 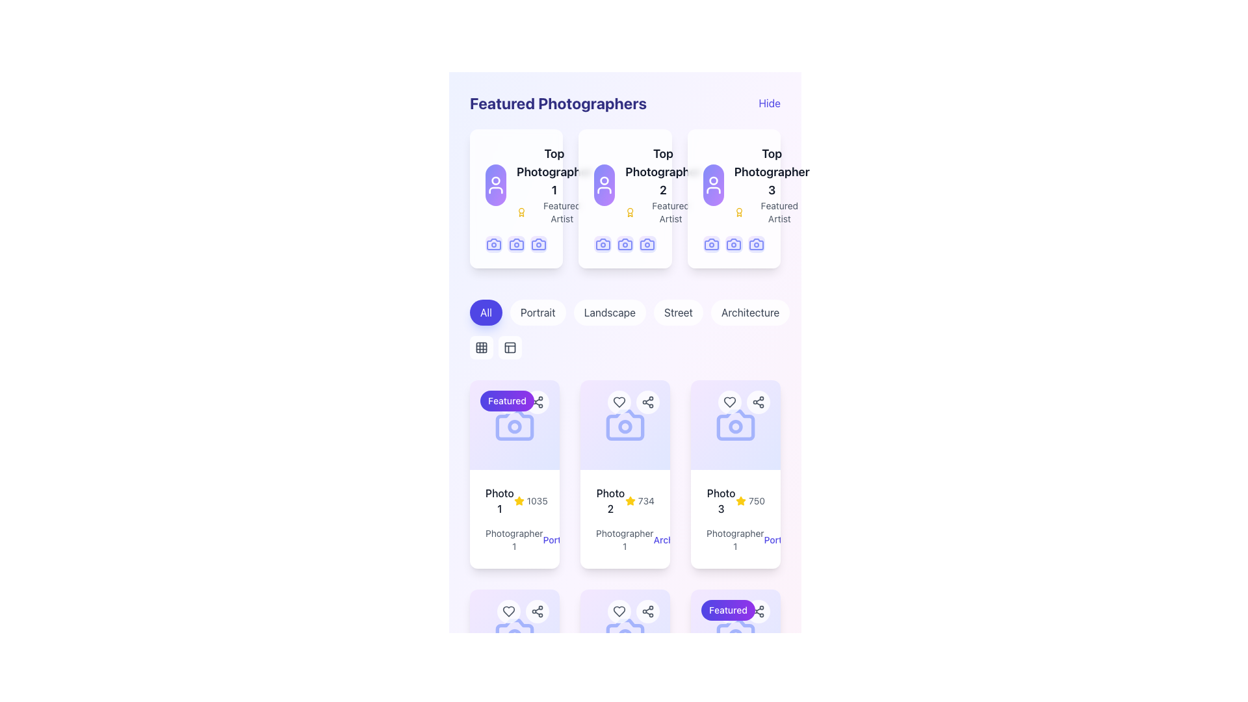 What do you see at coordinates (770, 102) in the screenshot?
I see `the Text button in the top-right corner of the 'Featured Photographers' section` at bounding box center [770, 102].